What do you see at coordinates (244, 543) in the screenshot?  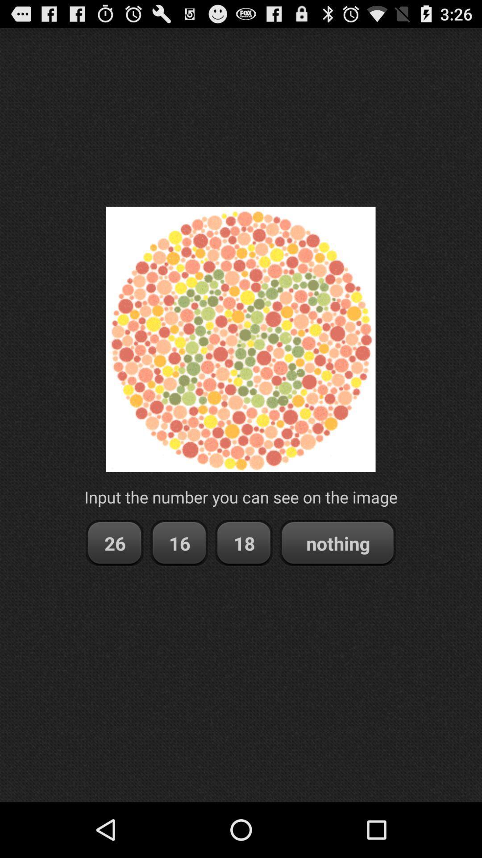 I see `the 18 item` at bounding box center [244, 543].